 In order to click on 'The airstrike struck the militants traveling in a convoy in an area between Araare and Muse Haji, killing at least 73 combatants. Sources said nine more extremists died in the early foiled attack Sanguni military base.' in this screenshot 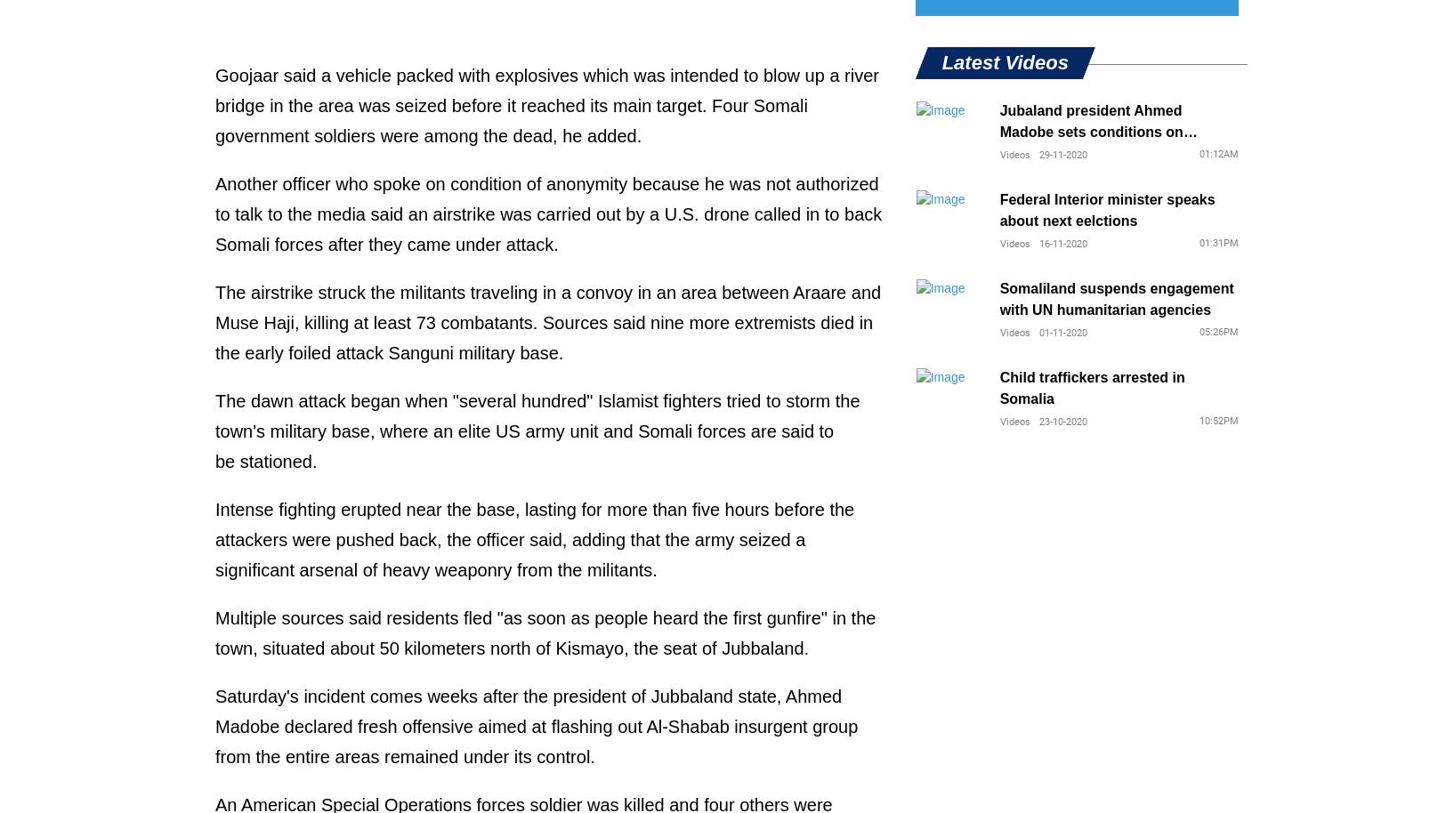, I will do `click(548, 322)`.